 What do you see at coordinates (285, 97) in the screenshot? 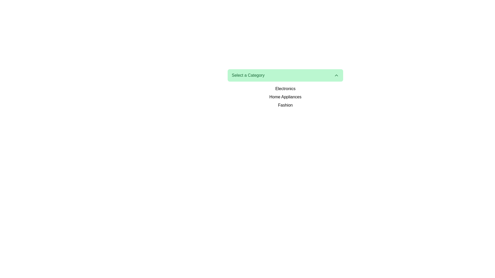
I see `the 'Home Appliances' text label, which is styled in black font on a white background, positioned below 'Electronics' and above 'Fashion' in a vertical dropdown menu` at bounding box center [285, 97].